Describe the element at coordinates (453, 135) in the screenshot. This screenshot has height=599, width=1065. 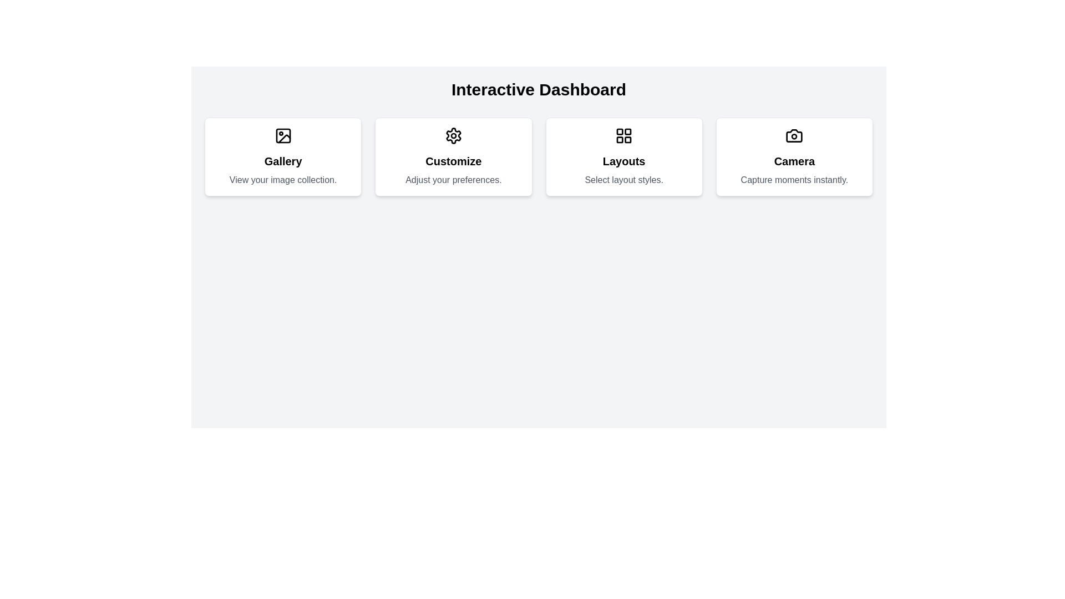
I see `the gear icon representing settings, located in the center of the 'Customize' card` at that location.